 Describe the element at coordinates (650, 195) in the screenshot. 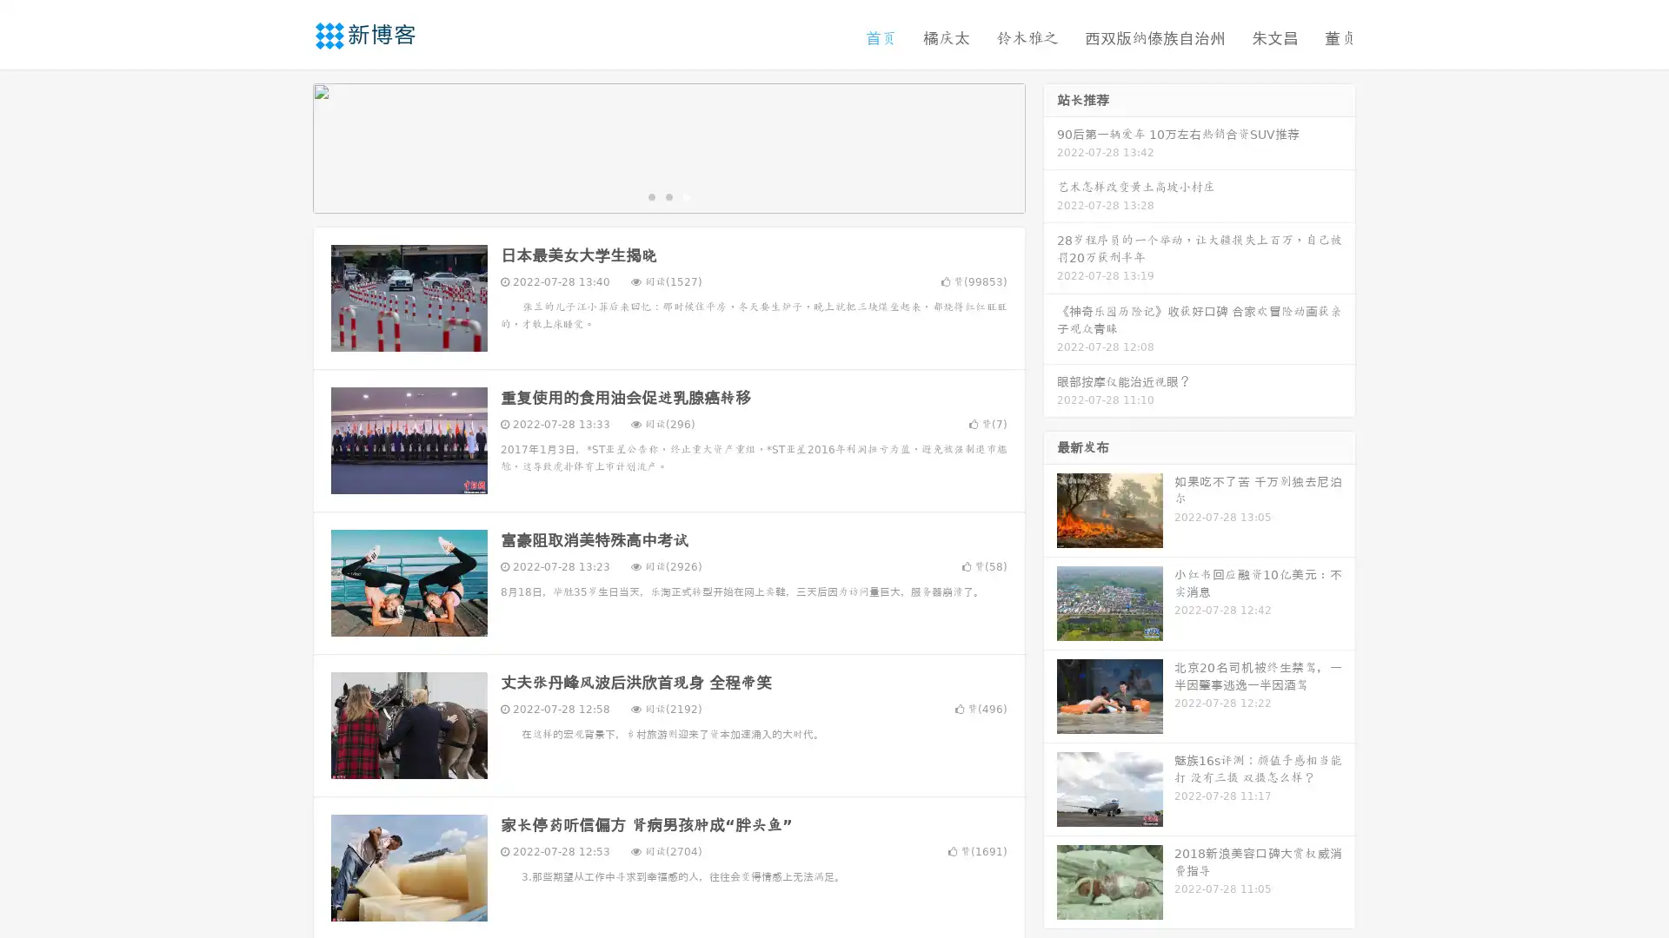

I see `Go to slide 1` at that location.